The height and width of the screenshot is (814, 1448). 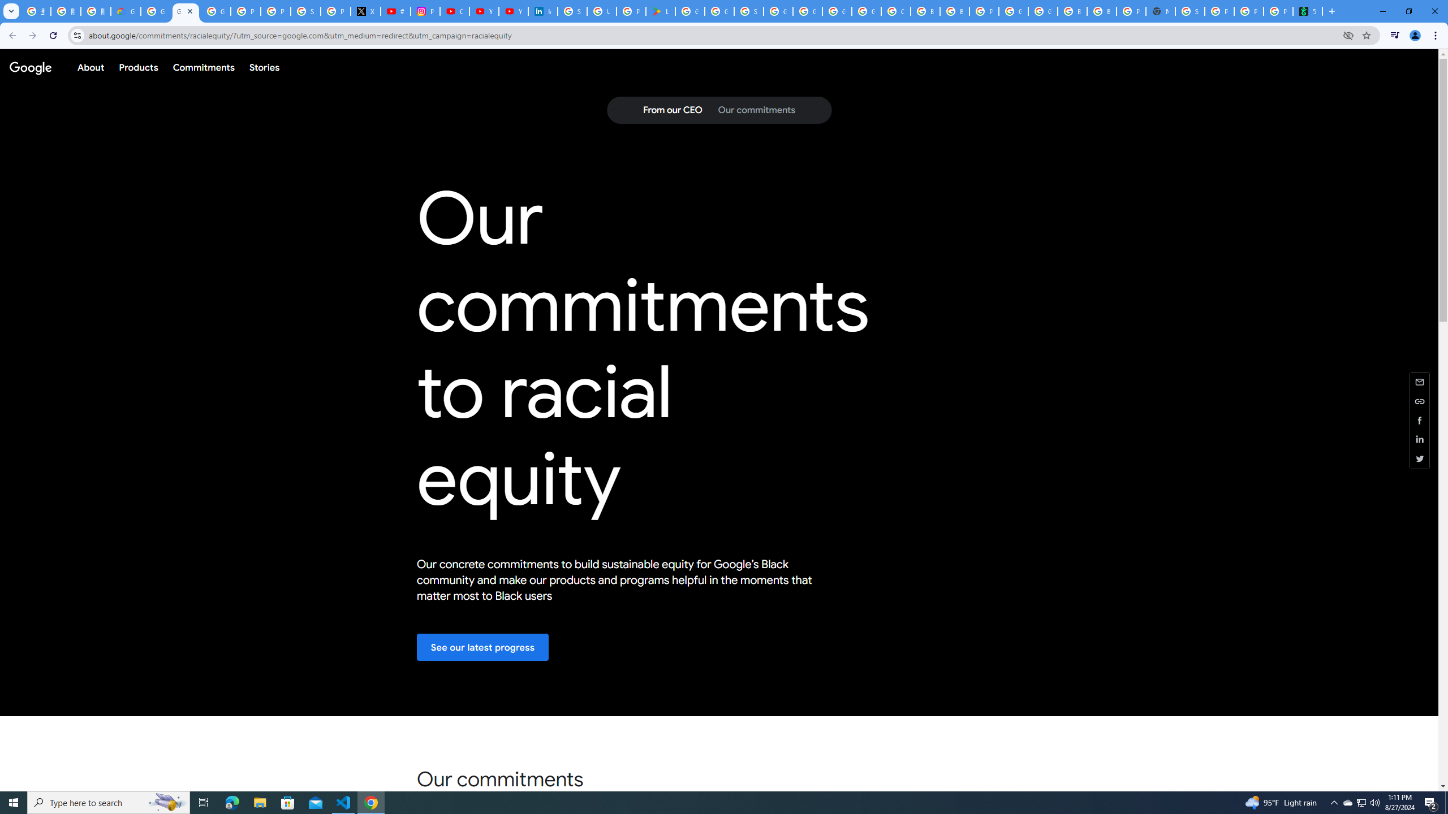 What do you see at coordinates (512, 11) in the screenshot?
I see `'YouTube Culture & Trends - YouTube Top 10, 2021'` at bounding box center [512, 11].